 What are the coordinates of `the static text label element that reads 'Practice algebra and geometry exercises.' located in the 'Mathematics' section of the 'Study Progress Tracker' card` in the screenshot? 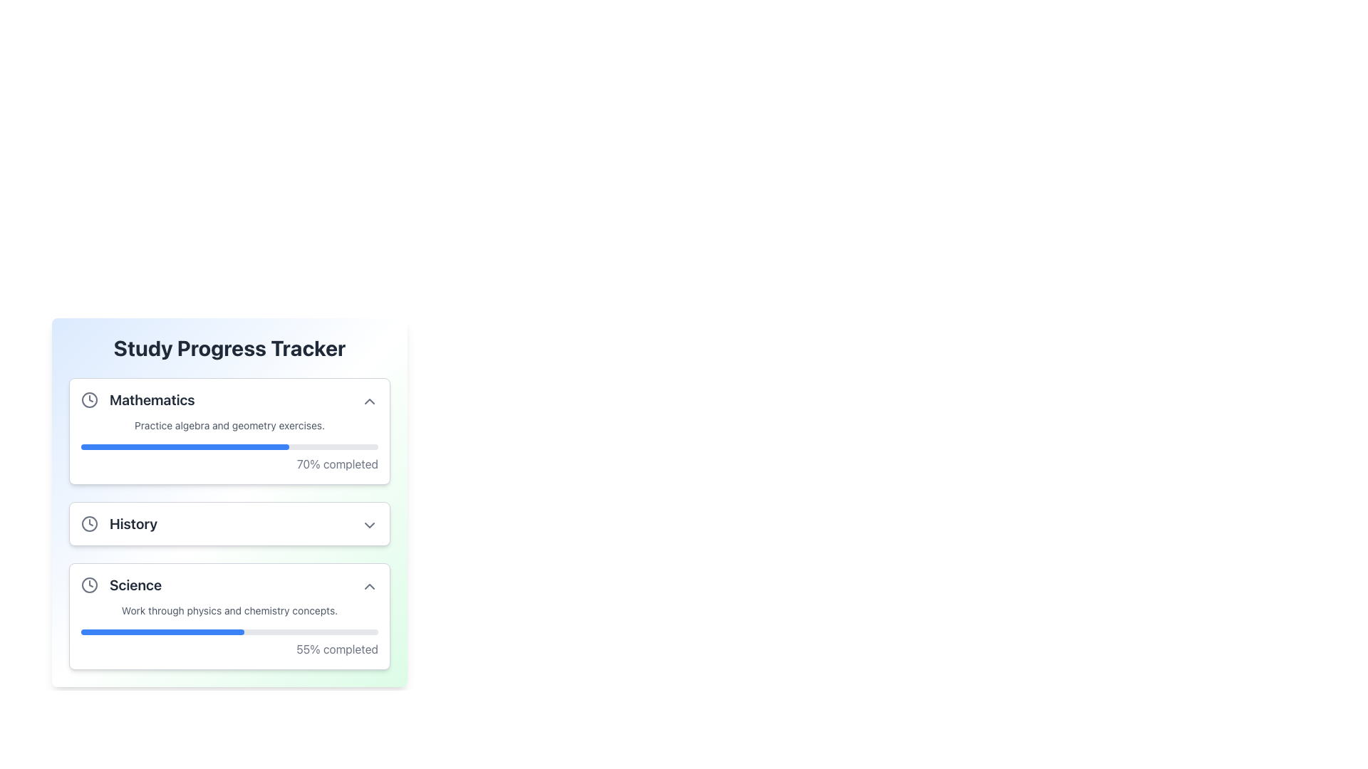 It's located at (229, 424).